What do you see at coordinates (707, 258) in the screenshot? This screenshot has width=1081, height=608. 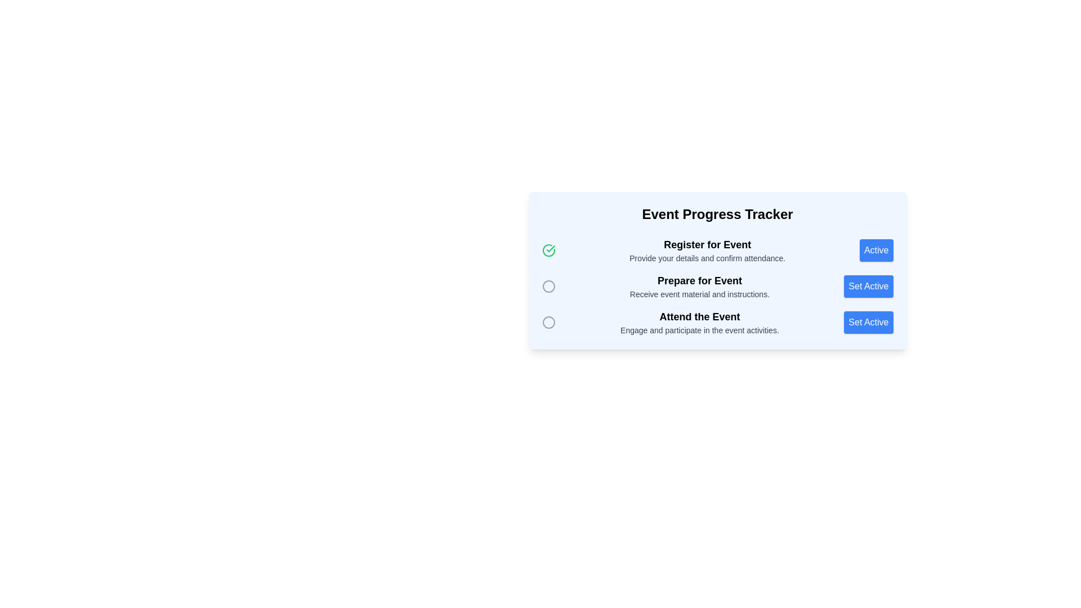 I see `the text label displaying 'Provide your details and confirm attendance.', which is styled in gray and located directly below the title 'Register for Event'` at bounding box center [707, 258].